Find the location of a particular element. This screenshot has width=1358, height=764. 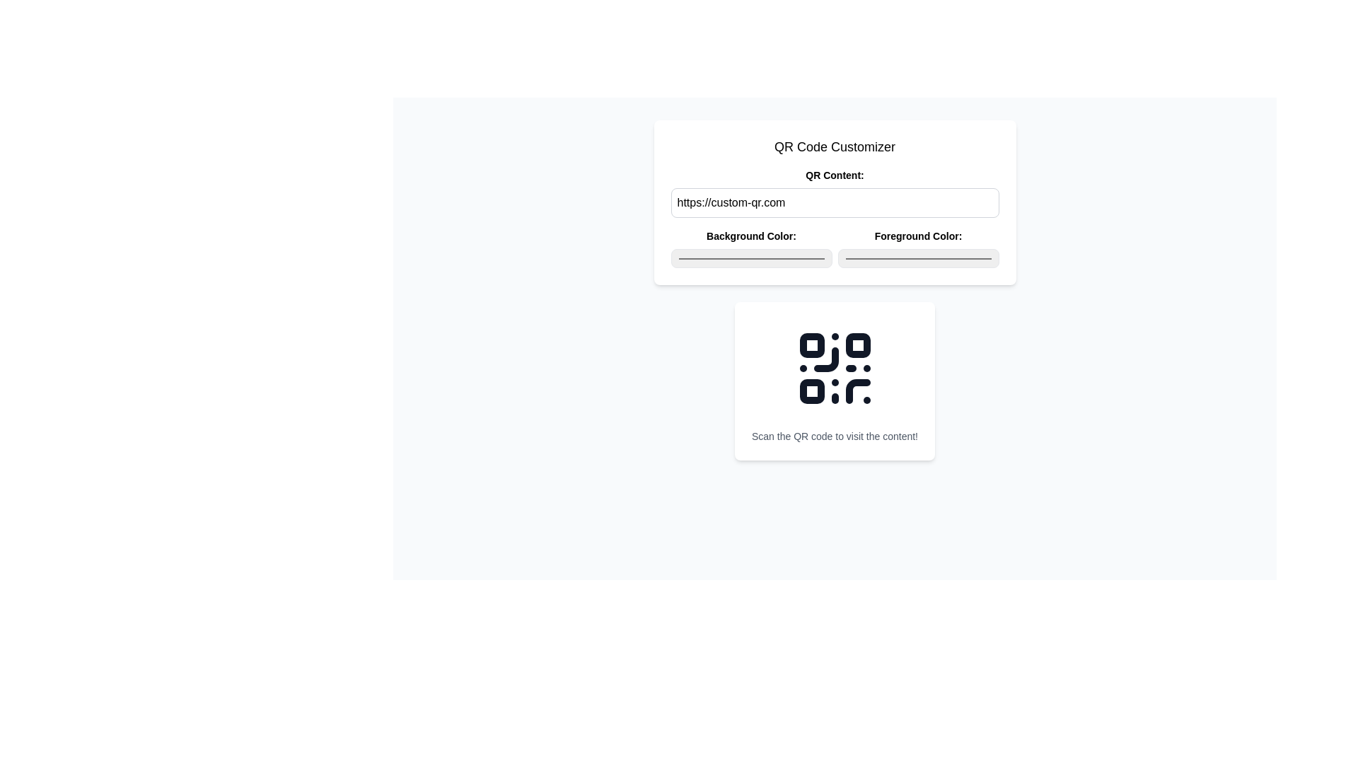

the QR code display section containing the QR code and the text 'Scan the QR code to visit the content!' by clicking on its center point is located at coordinates (835, 381).